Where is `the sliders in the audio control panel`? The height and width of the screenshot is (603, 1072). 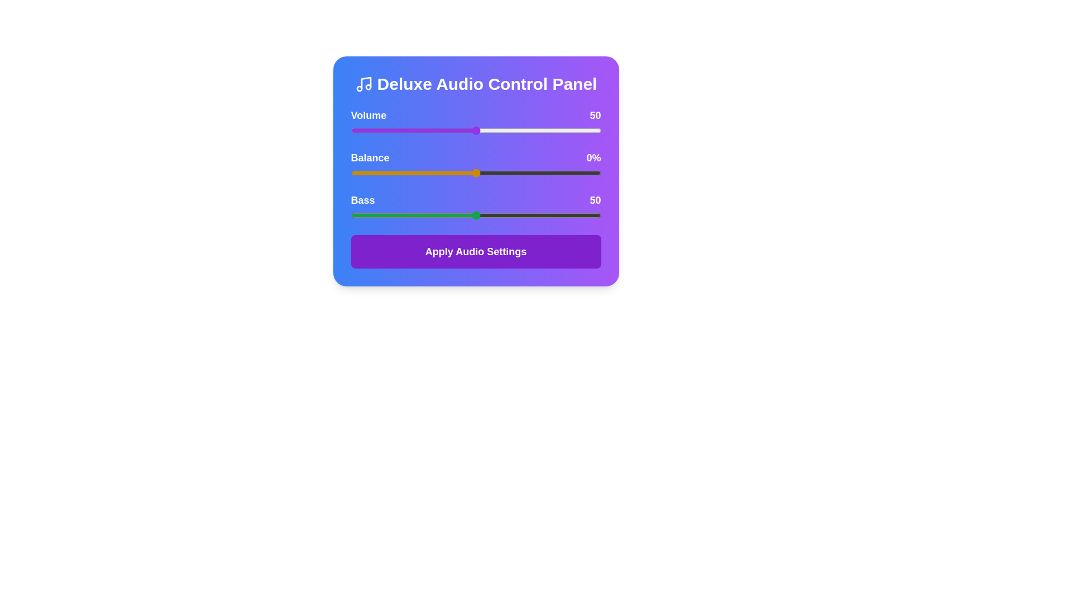 the sliders in the audio control panel is located at coordinates (476, 171).